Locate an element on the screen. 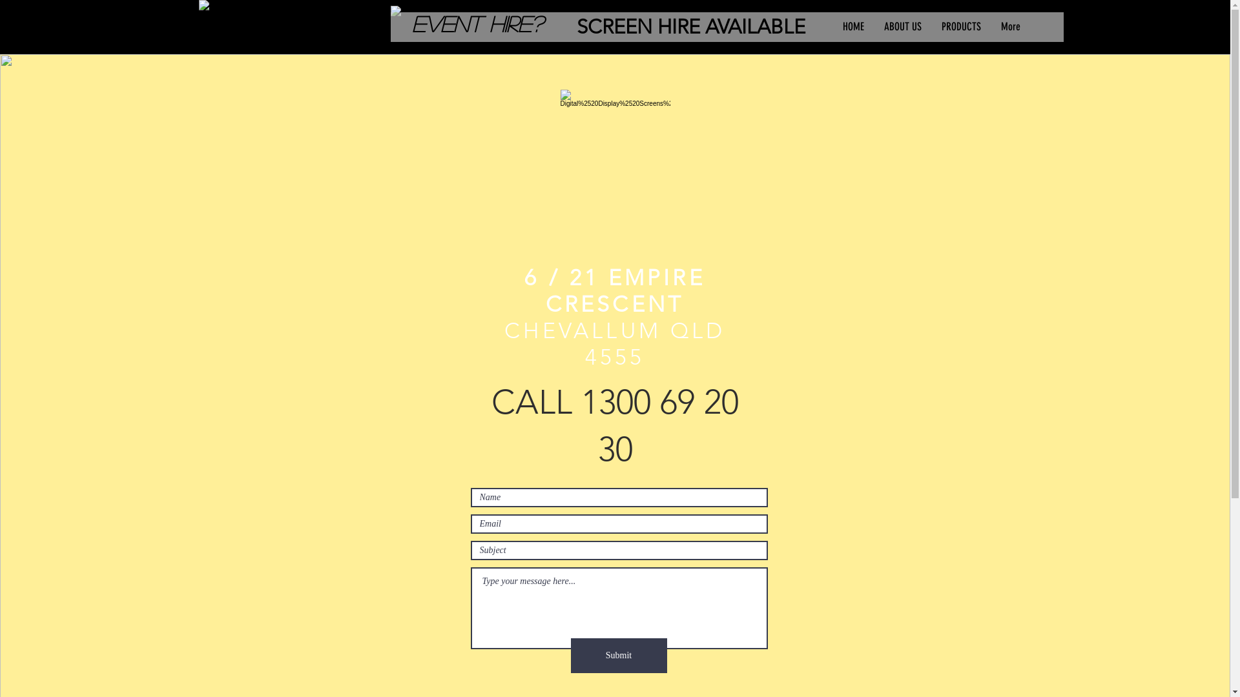  'HOME' is located at coordinates (852, 26).